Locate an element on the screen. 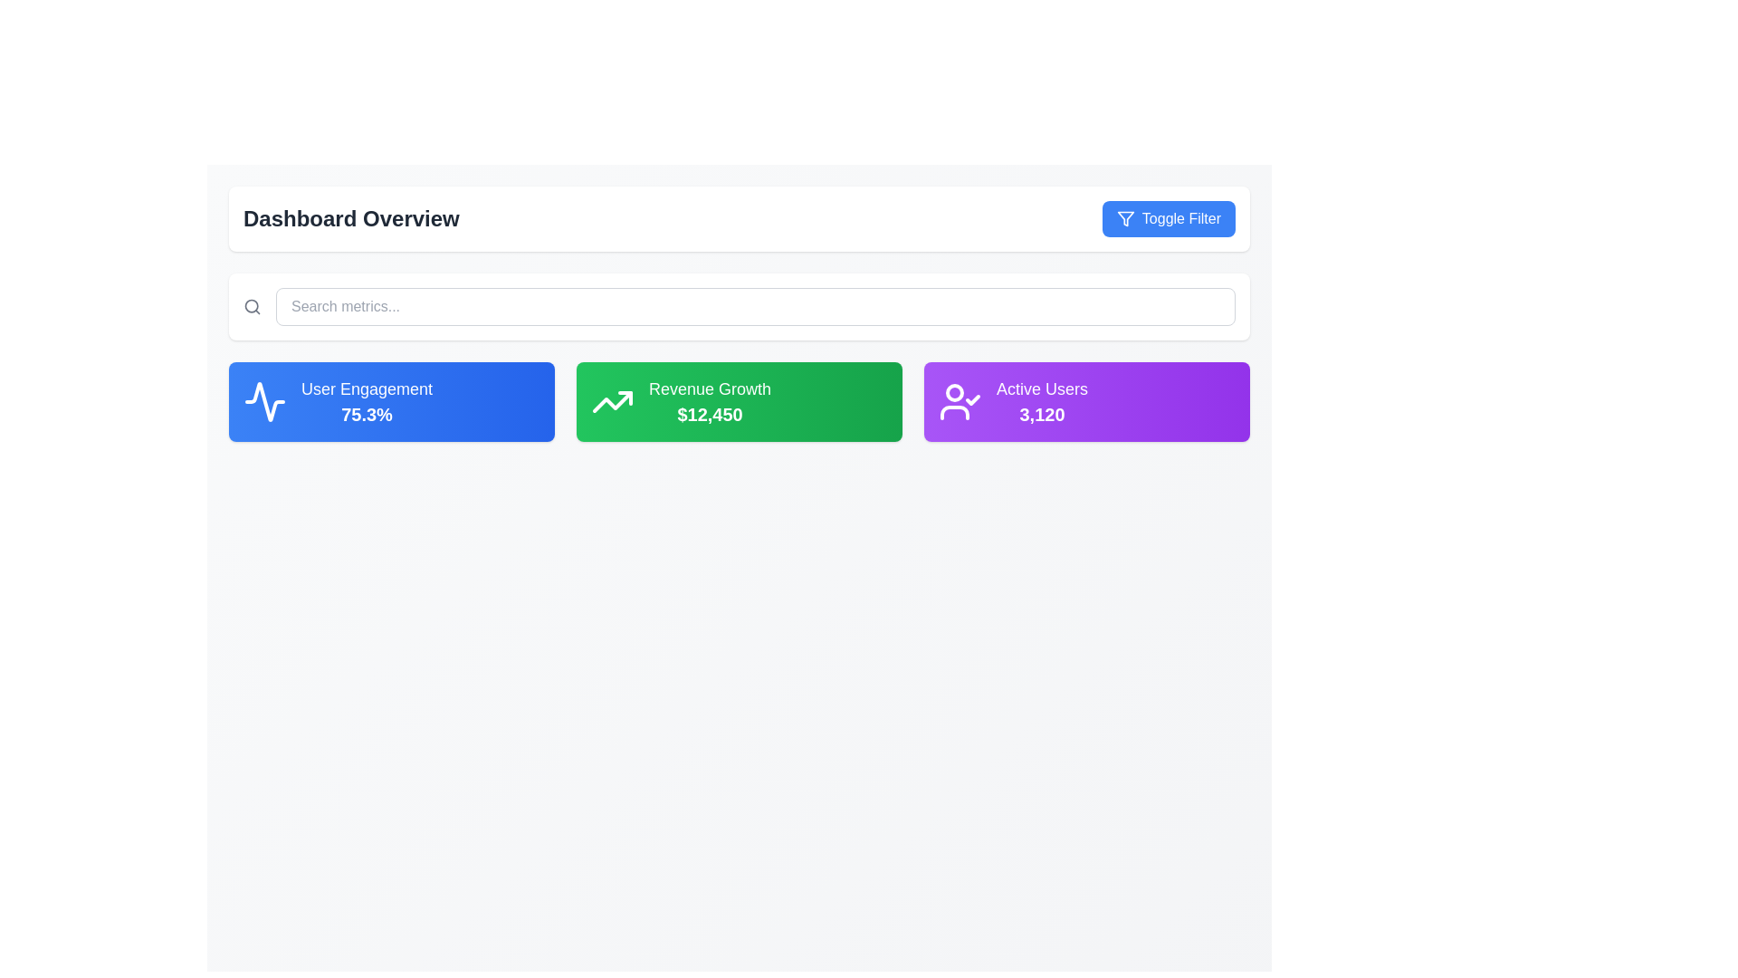 This screenshot has width=1738, height=978. the search icon located on the far-left side of the search bar to trigger tooltip or visual changes is located at coordinates (251, 306).